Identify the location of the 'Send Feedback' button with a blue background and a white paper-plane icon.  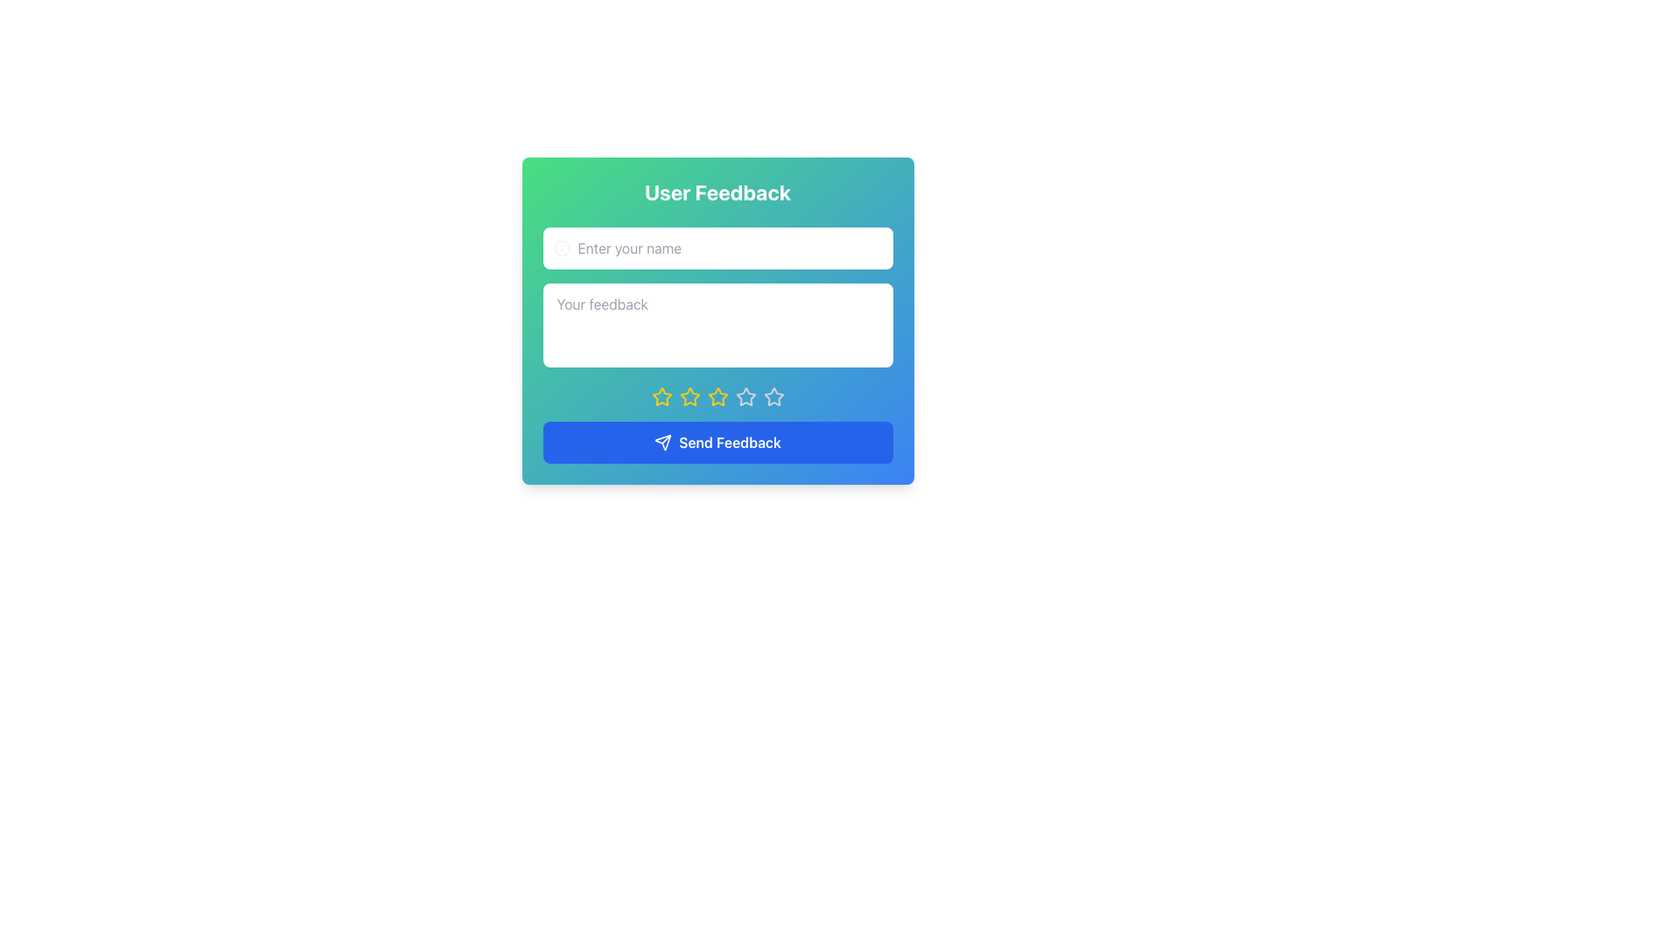
(717, 441).